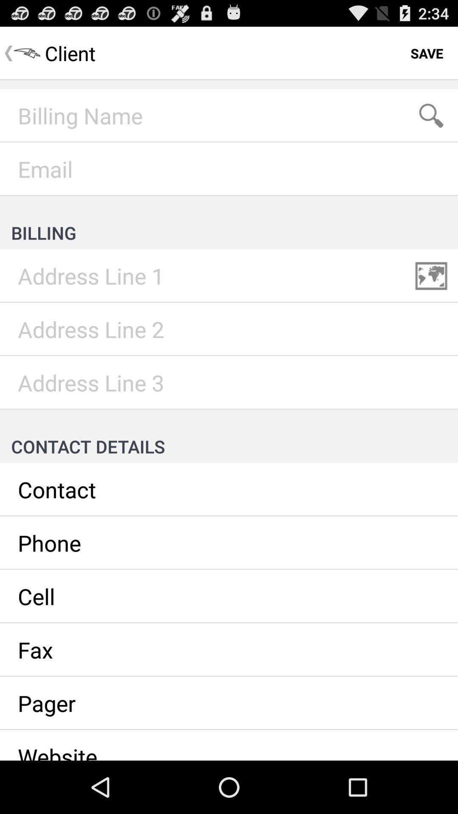 This screenshot has width=458, height=814. I want to click on fill address line 3, so click(229, 382).